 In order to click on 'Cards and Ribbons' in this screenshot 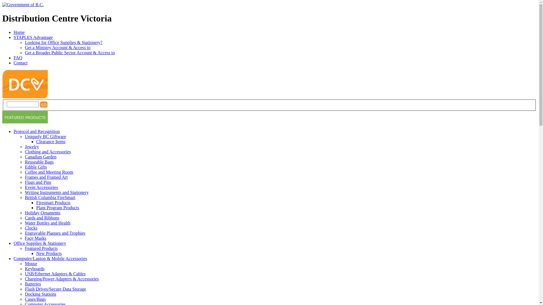, I will do `click(42, 217)`.